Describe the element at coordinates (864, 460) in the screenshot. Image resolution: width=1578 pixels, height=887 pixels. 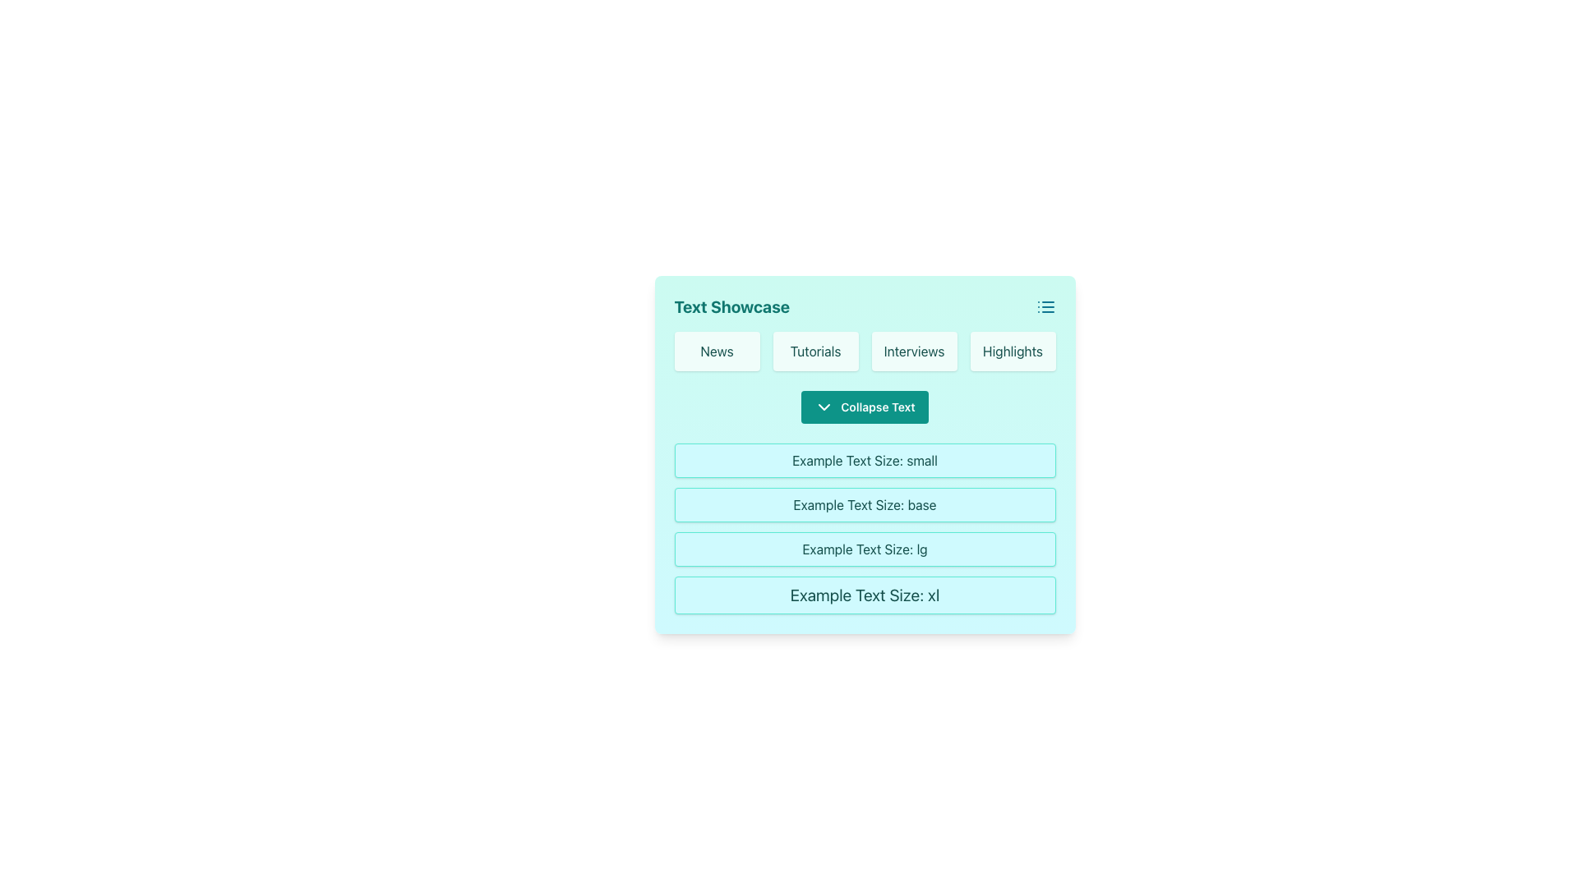
I see `the static text display box that shows 'Example Text Size: small', positioned between the 'Collapse Text' button and the text 'Example Text Size: base'` at that location.